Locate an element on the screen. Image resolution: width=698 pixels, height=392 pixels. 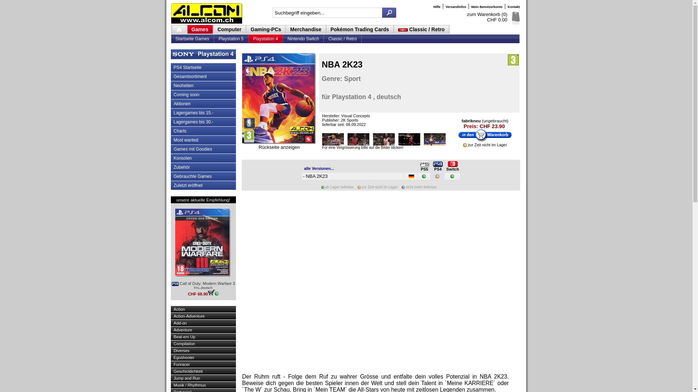
'Kontakt ' is located at coordinates (506, 7).